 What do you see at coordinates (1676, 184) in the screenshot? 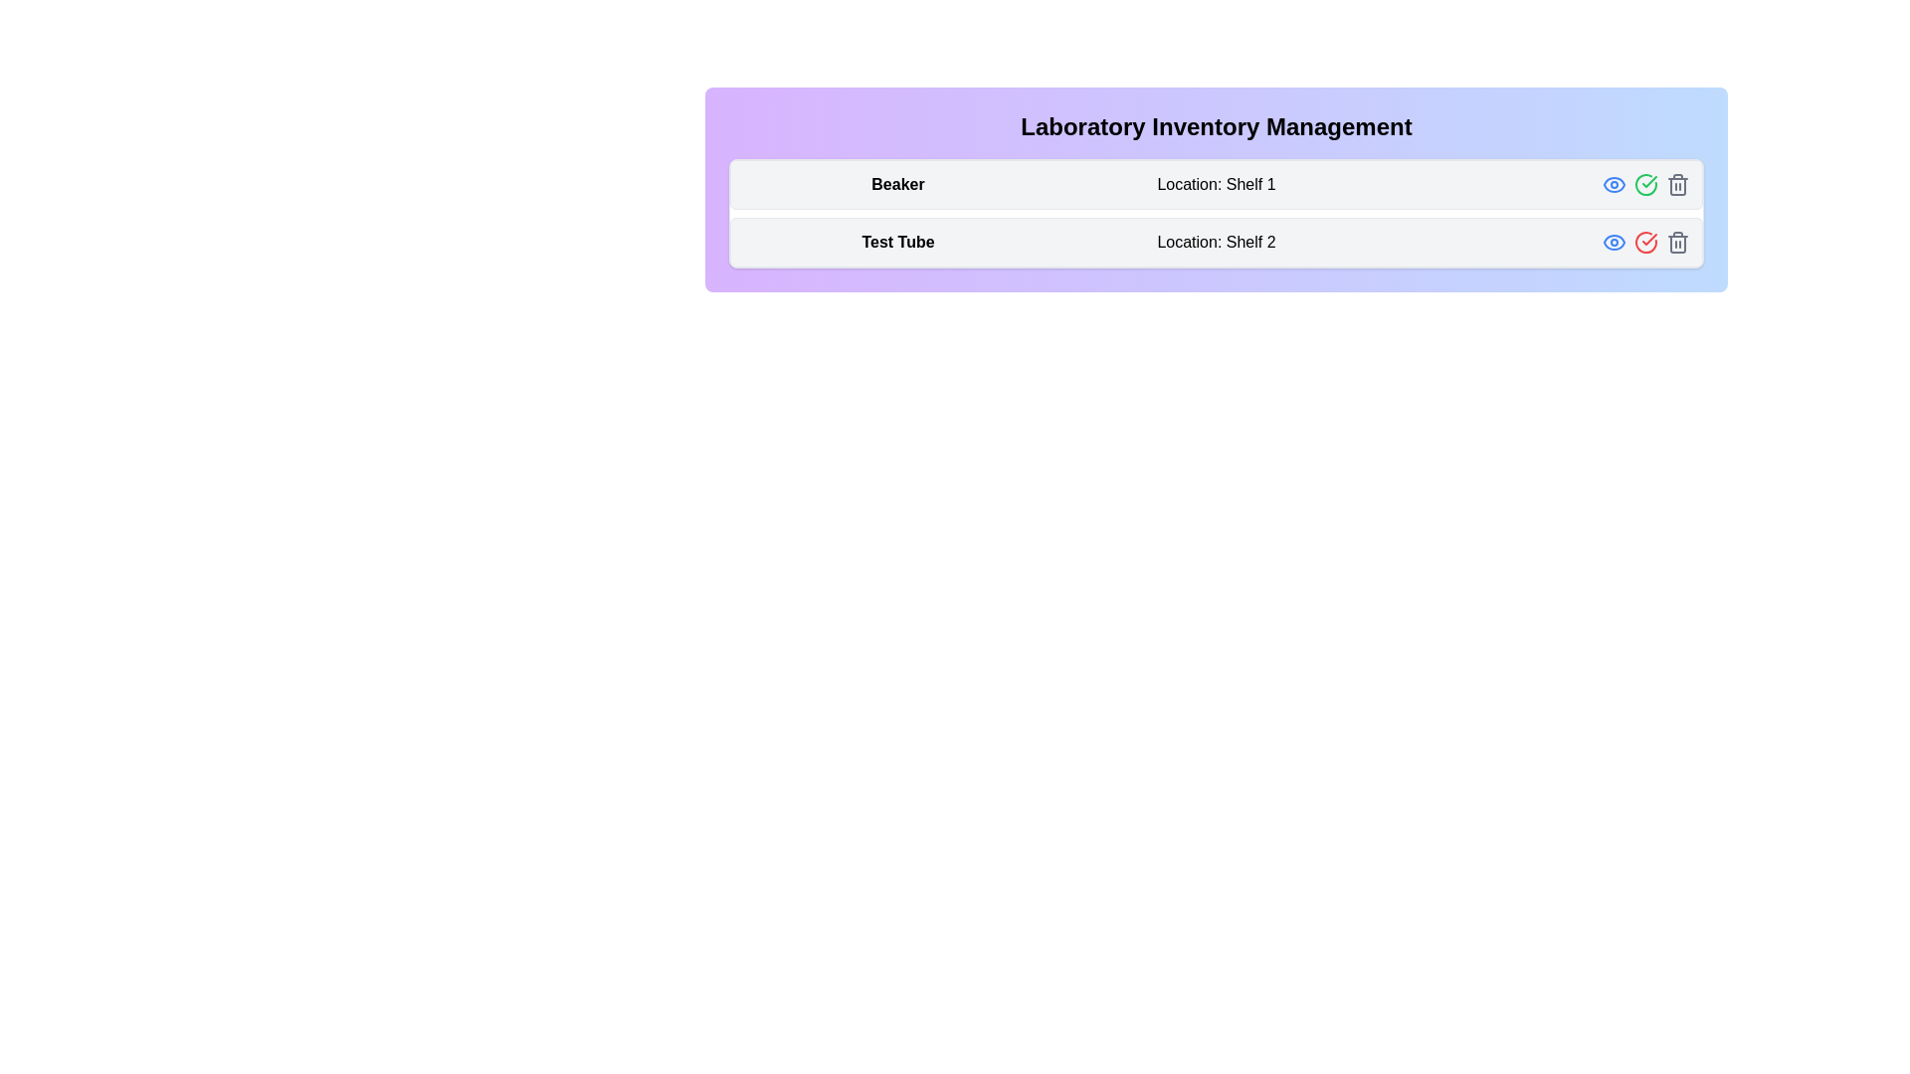
I see `the trash icon for the inventory item Beaker` at bounding box center [1676, 184].